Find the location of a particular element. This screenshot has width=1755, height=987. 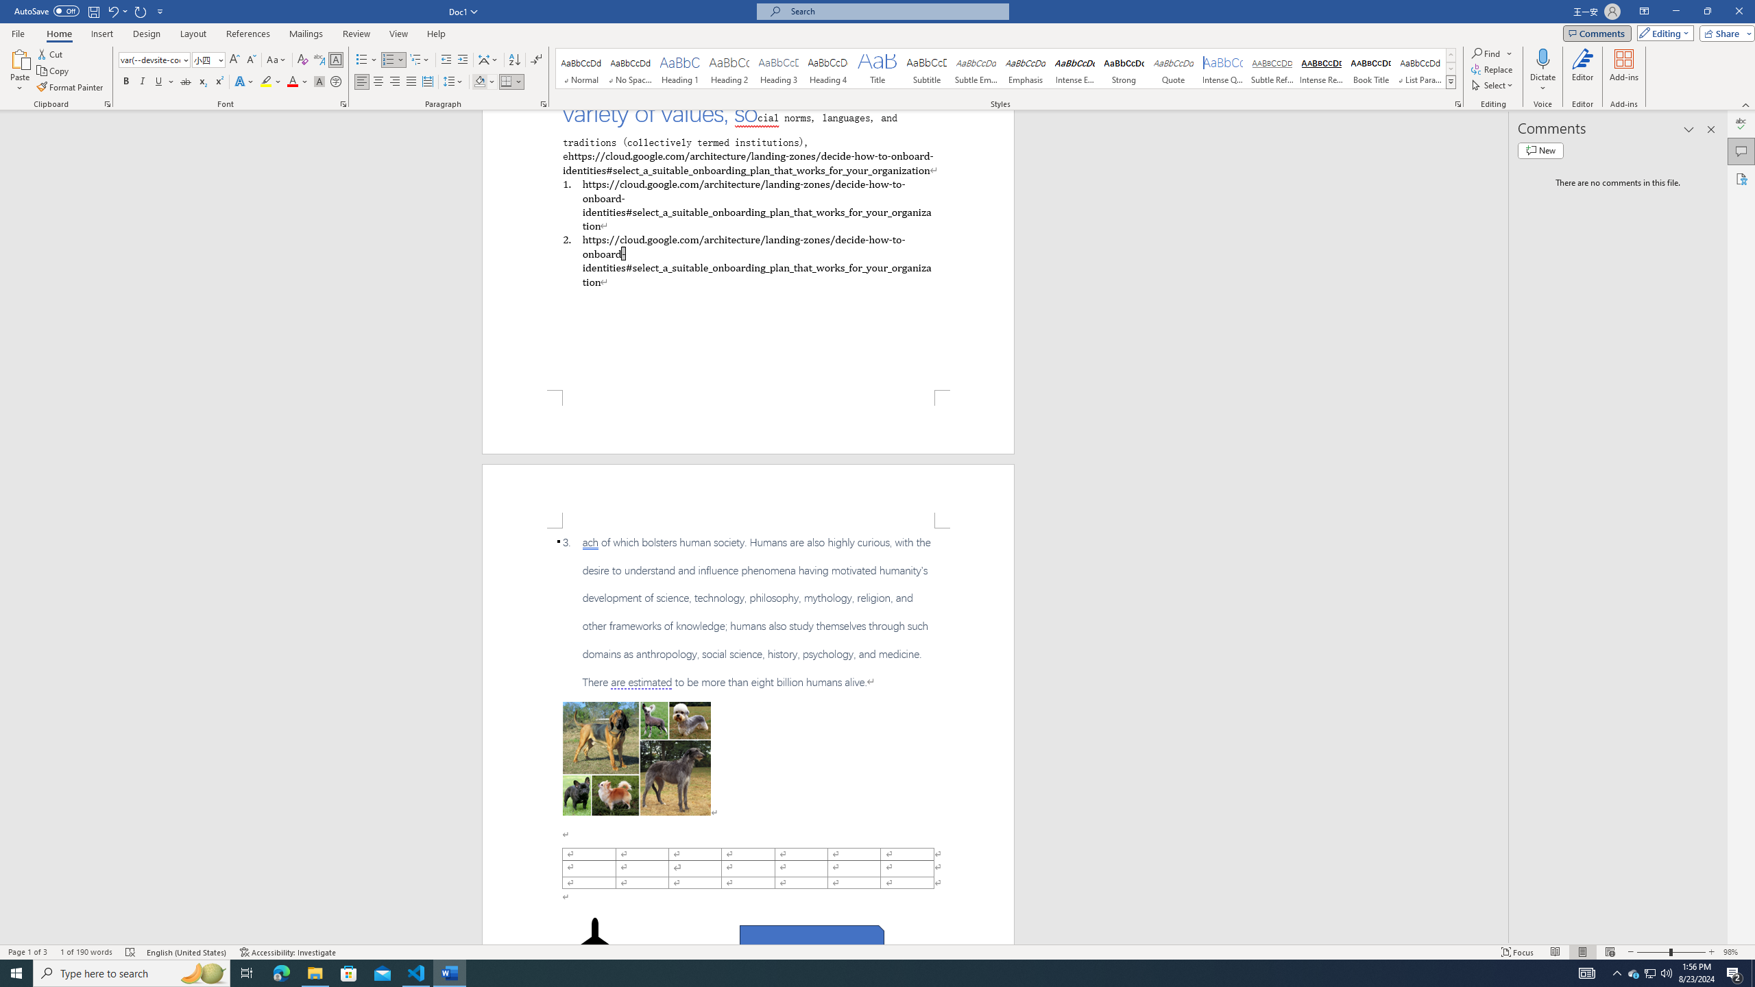

'Zoom' is located at coordinates (1671, 952).